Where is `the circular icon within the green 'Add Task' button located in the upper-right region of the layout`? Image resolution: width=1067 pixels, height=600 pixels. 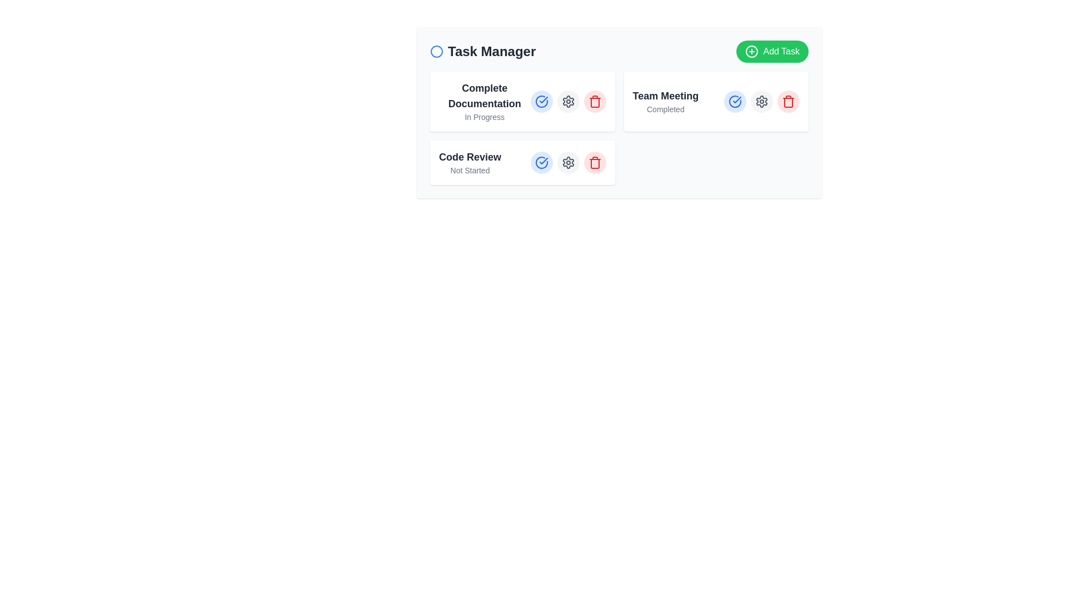 the circular icon within the green 'Add Task' button located in the upper-right region of the layout is located at coordinates (752, 51).